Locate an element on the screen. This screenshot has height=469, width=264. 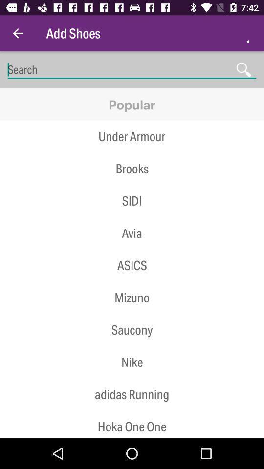
hoka one one is located at coordinates (132, 424).